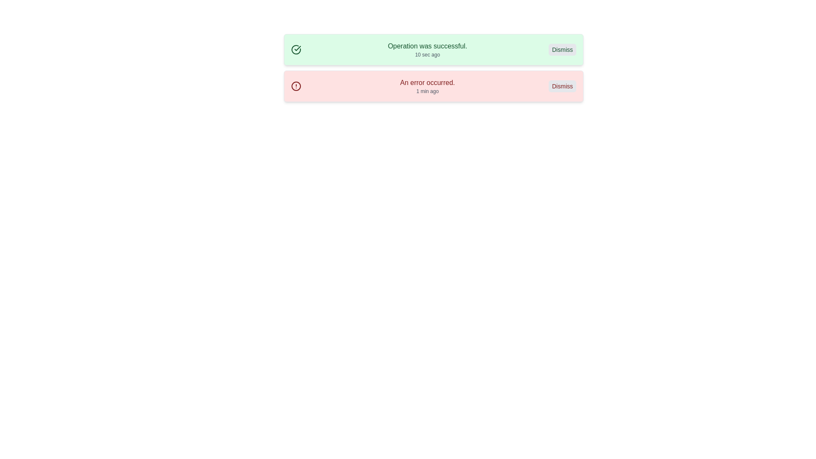  Describe the element at coordinates (428, 91) in the screenshot. I see `the text label that displays '1 min ago', which is located below the error message 'An error occurred.' in a pink notification box` at that location.